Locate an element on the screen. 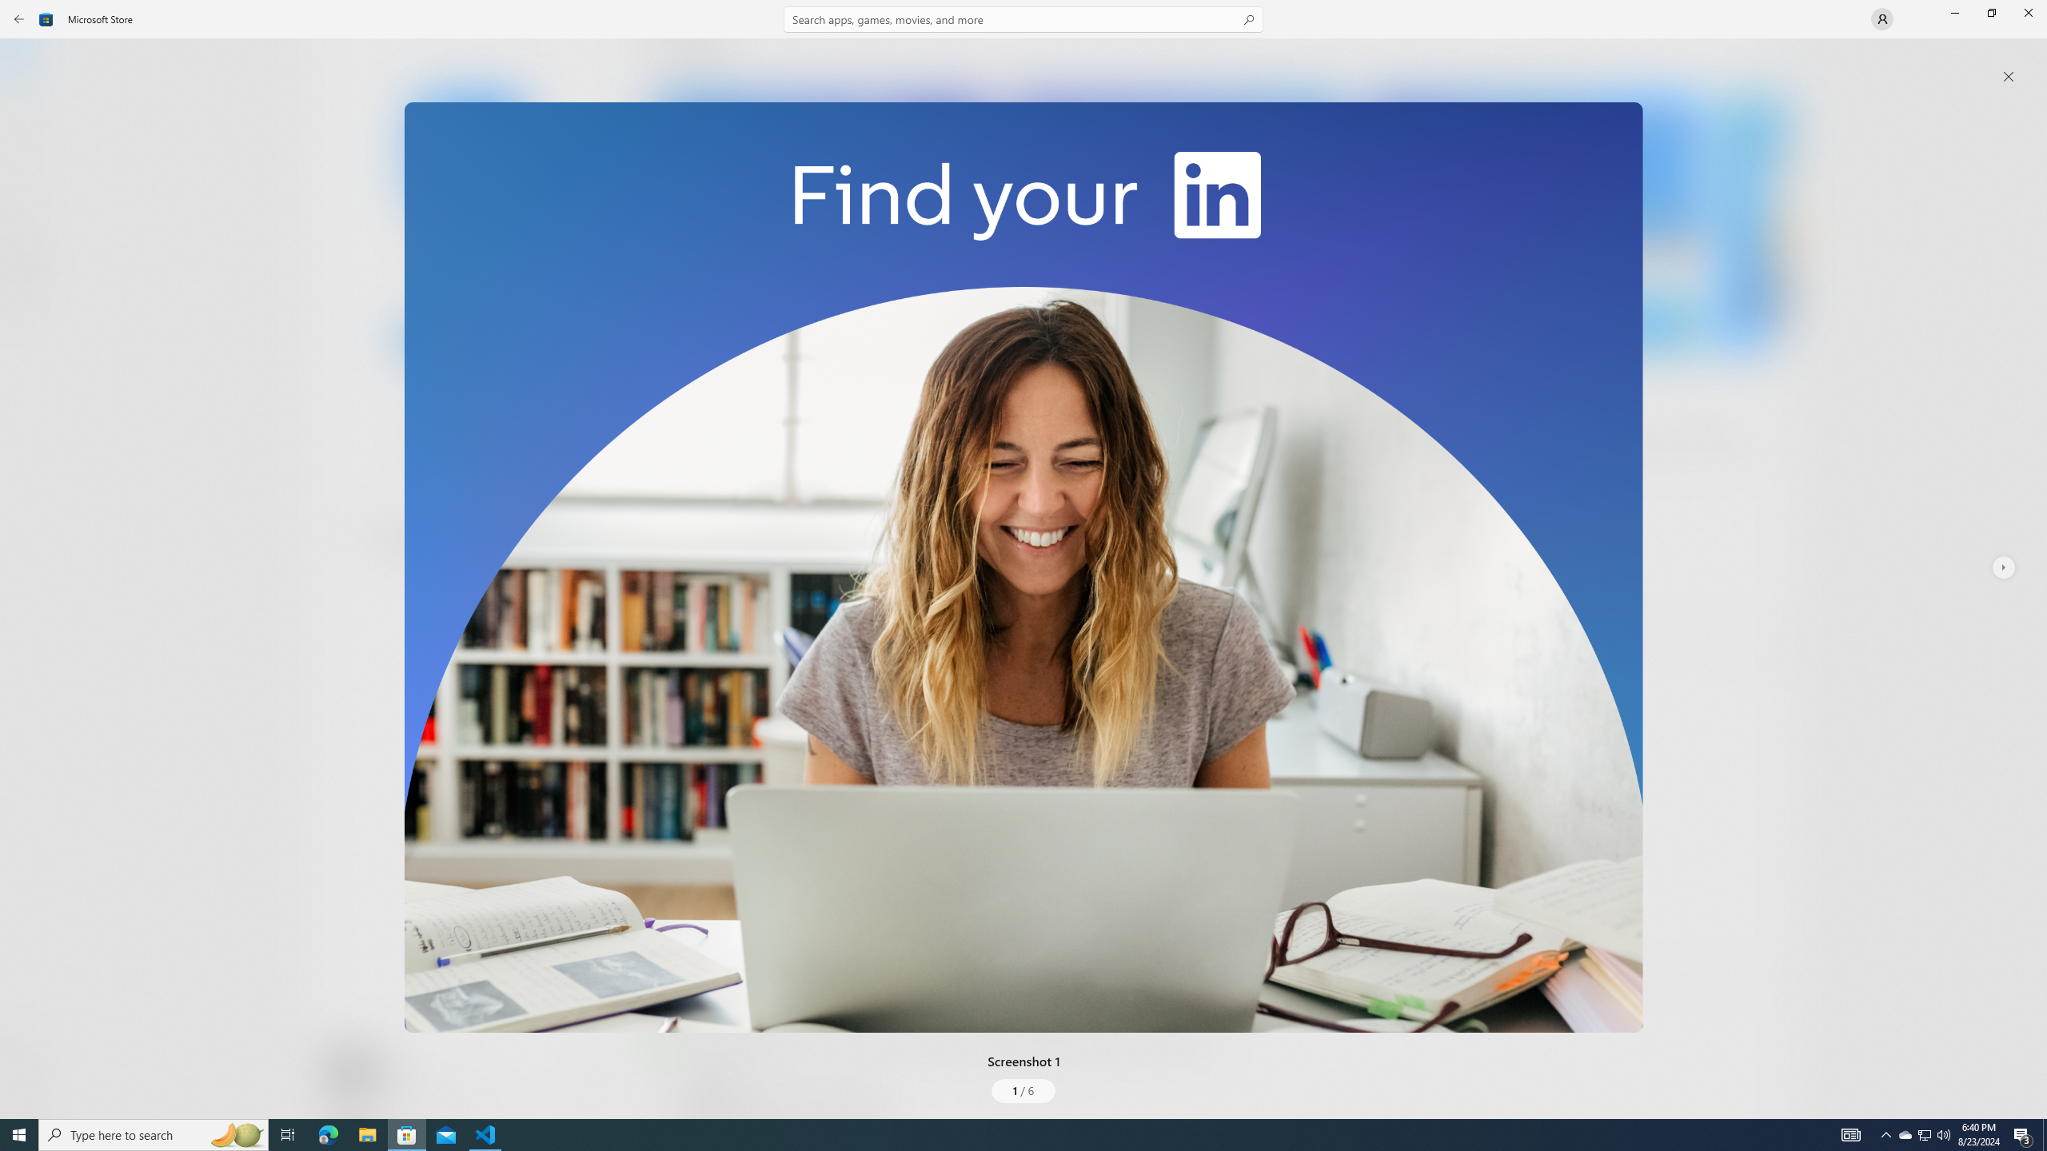 Image resolution: width=2047 pixels, height=1151 pixels. 'Close Microsoft Store' is located at coordinates (2027, 12).